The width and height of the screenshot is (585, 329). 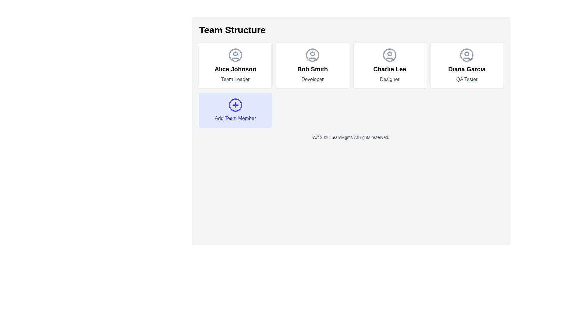 I want to click on the outer boundary of the user avatar icon for 'Diana Garcia - QA Tester', which is the larger circle in the avatar icon, so click(x=466, y=55).